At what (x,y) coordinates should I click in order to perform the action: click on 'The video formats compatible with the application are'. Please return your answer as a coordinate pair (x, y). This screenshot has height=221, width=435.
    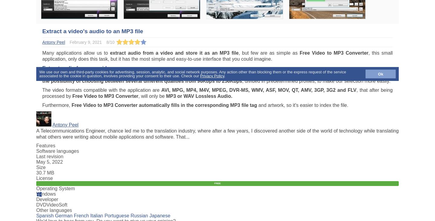
    Looking at the image, I should click on (101, 90).